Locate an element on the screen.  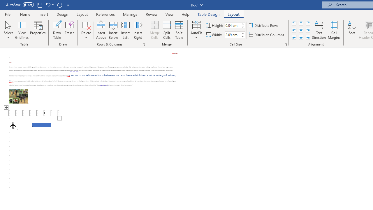
'Text Direction' is located at coordinates (319, 30).